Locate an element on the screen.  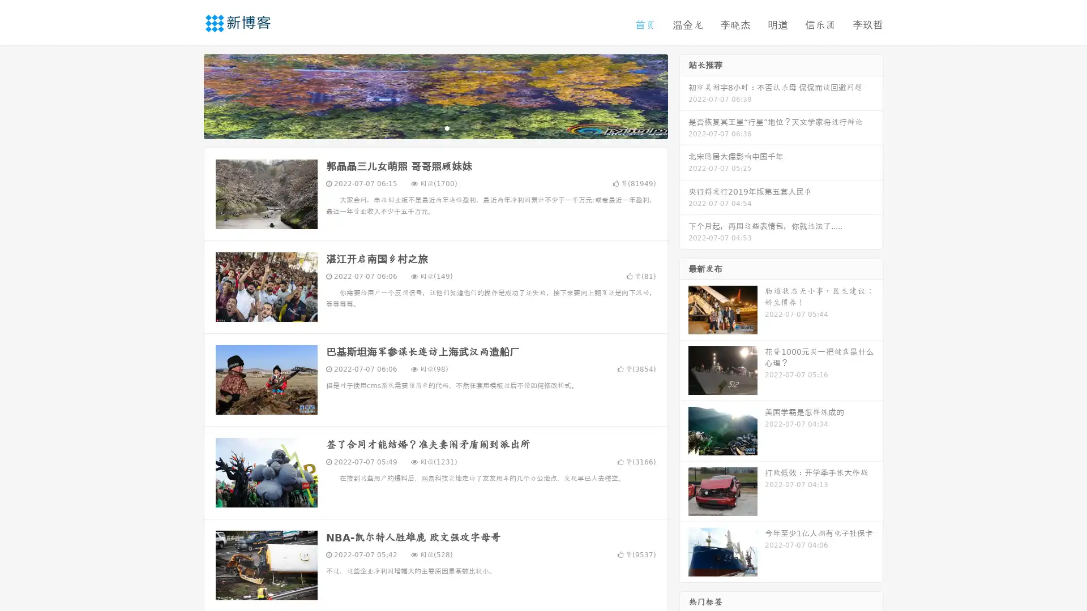
Previous slide is located at coordinates (187, 95).